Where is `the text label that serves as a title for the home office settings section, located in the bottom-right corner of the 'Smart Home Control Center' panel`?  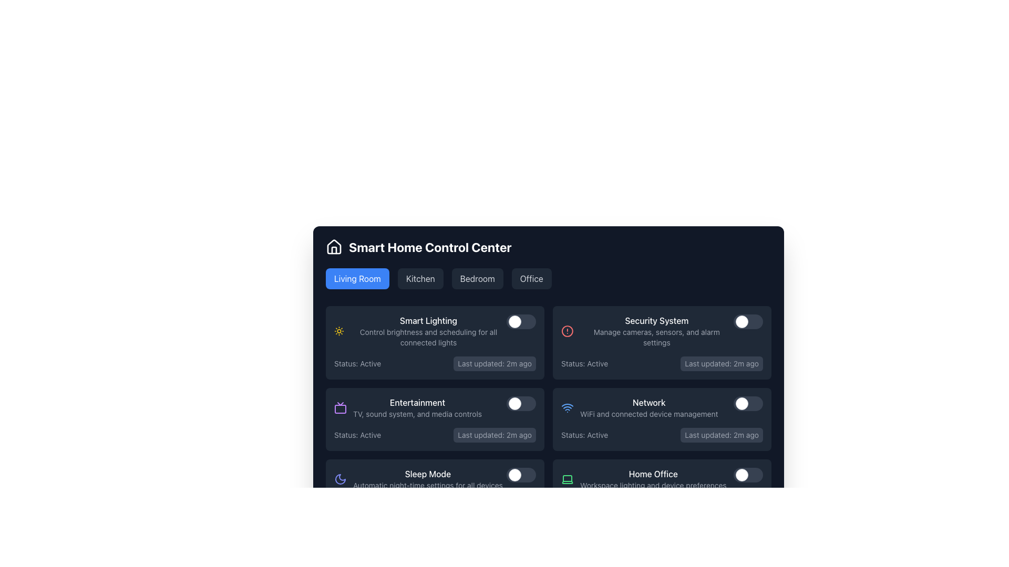
the text label that serves as a title for the home office settings section, located in the bottom-right corner of the 'Smart Home Control Center' panel is located at coordinates (653, 474).